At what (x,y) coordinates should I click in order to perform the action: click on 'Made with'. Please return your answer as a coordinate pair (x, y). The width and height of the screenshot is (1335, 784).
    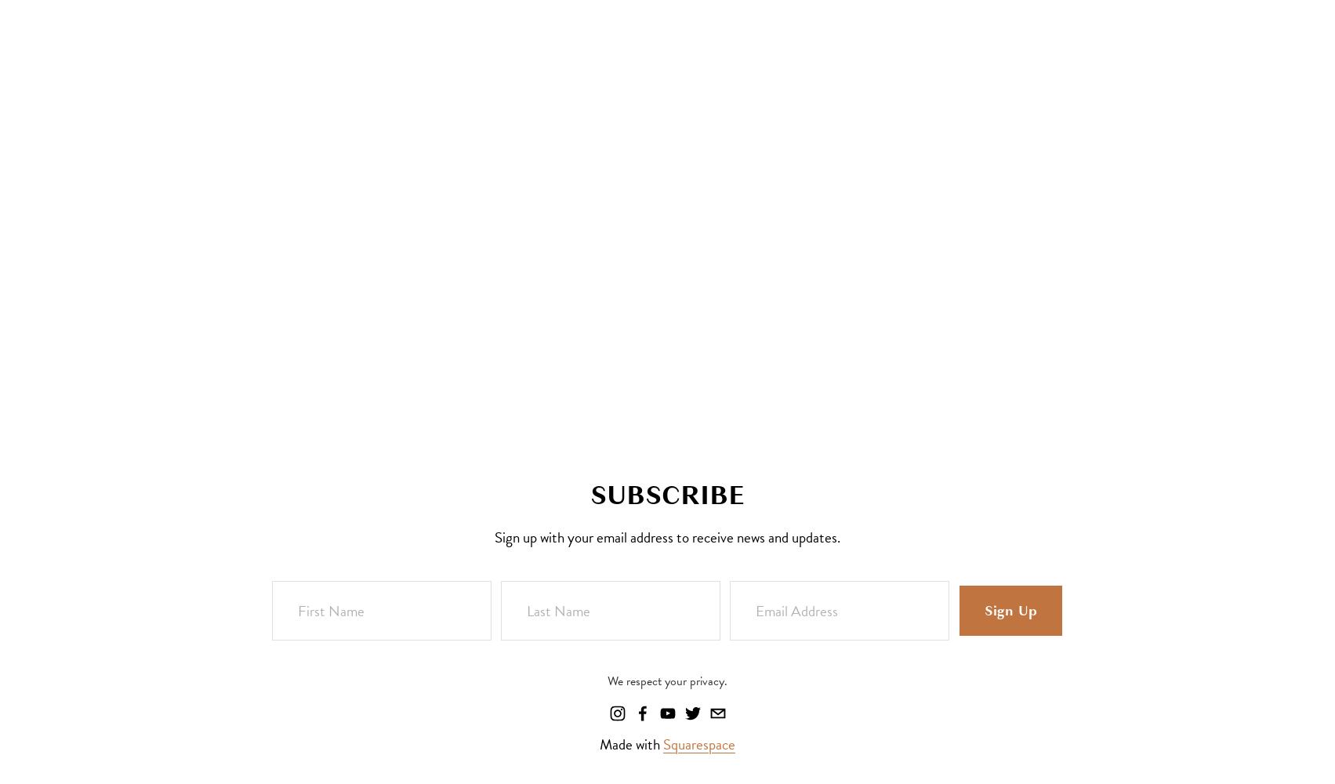
    Looking at the image, I should click on (631, 743).